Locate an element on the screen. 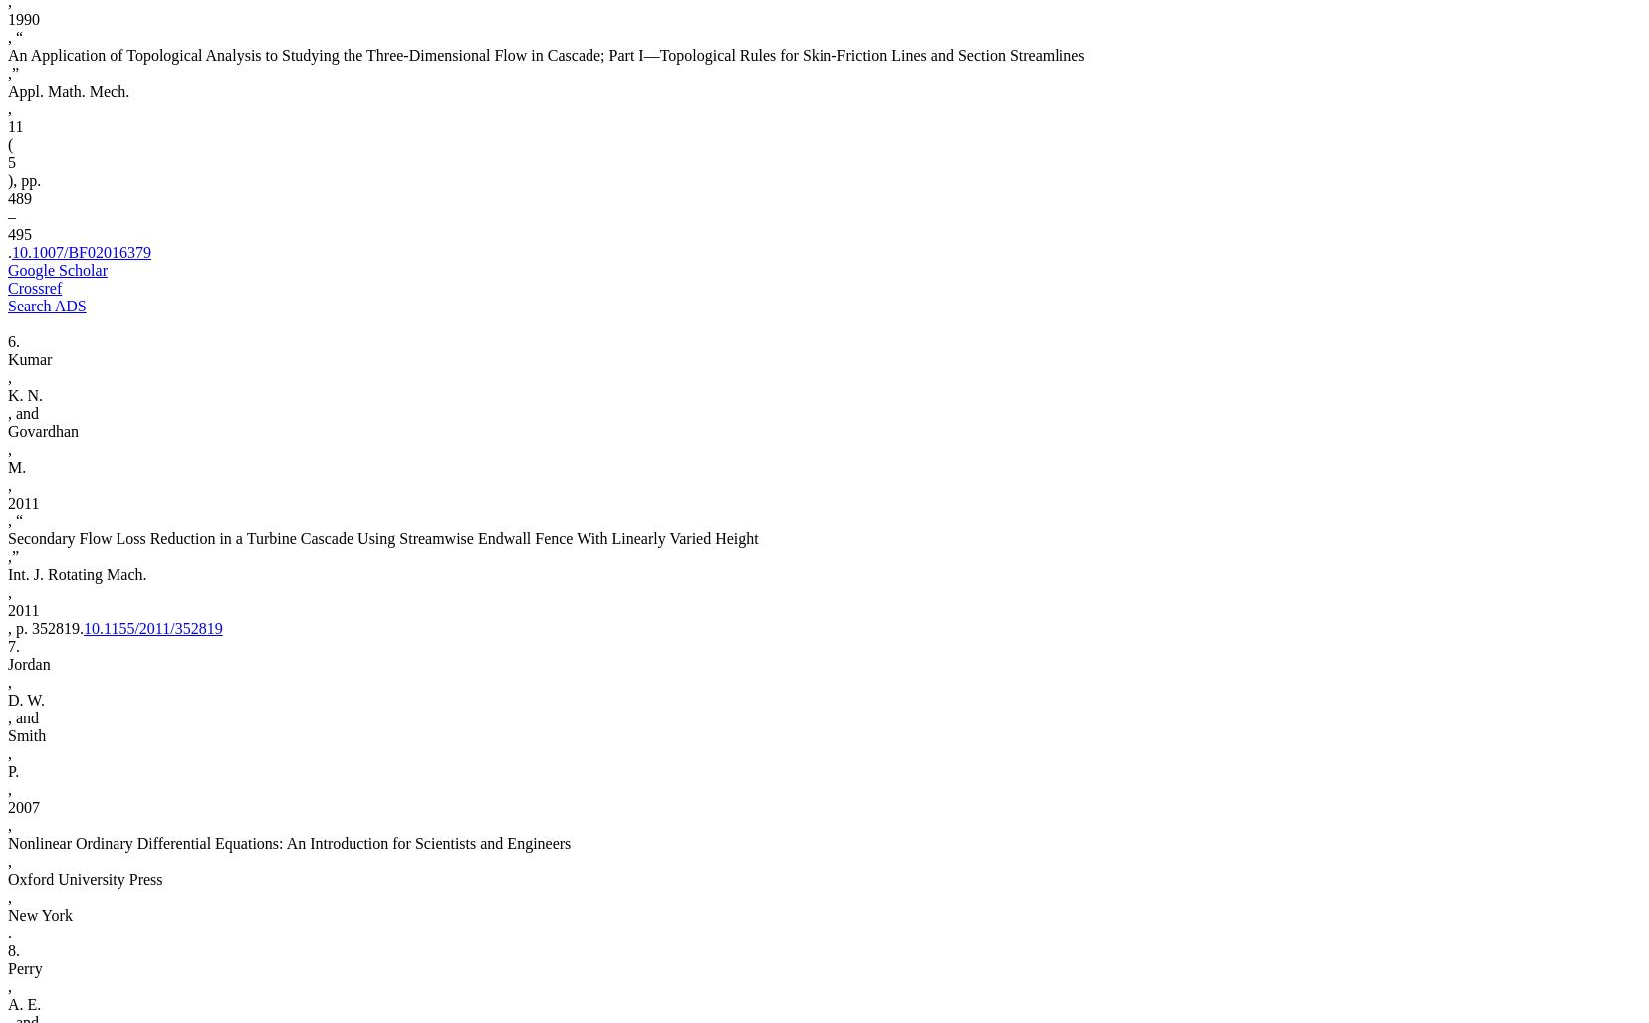 This screenshot has height=1023, width=1649. 'Jordan' is located at coordinates (27, 664).